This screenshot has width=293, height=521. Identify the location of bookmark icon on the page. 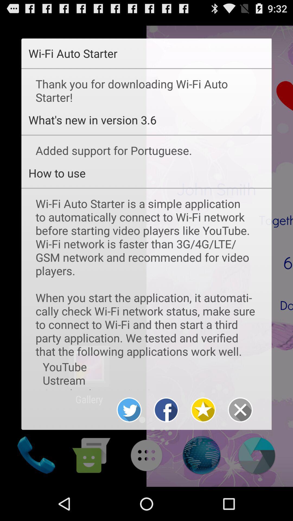
(203, 410).